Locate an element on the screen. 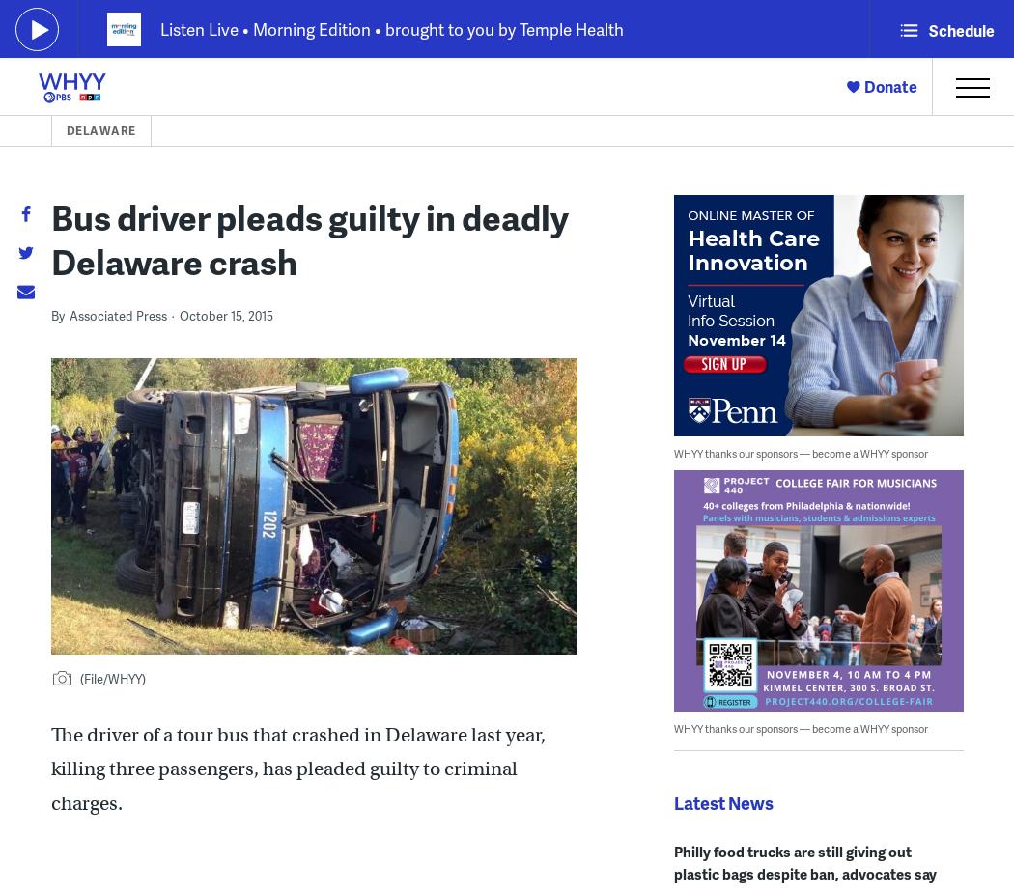 This screenshot has height=895, width=1014. 'Delaware' is located at coordinates (99, 129).